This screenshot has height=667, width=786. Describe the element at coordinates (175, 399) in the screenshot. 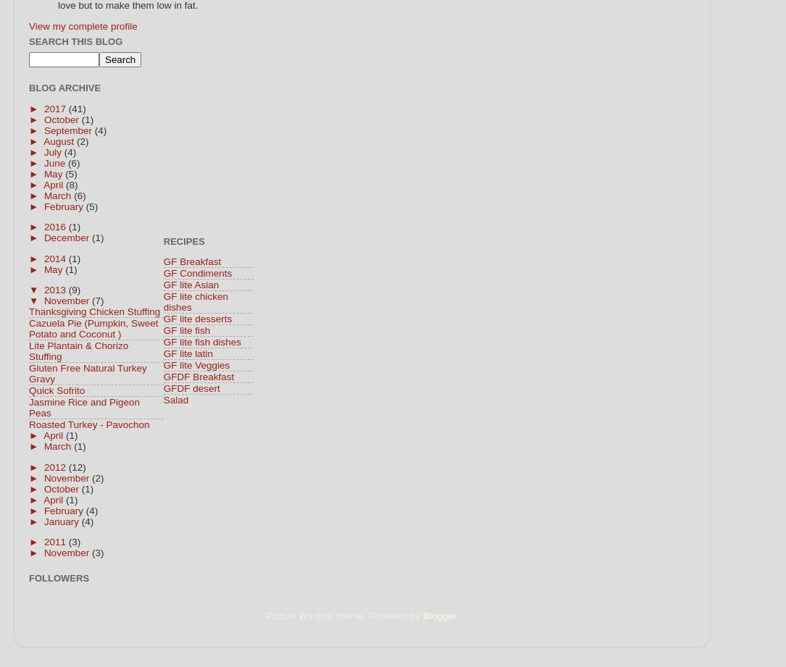

I see `'Salad'` at that location.